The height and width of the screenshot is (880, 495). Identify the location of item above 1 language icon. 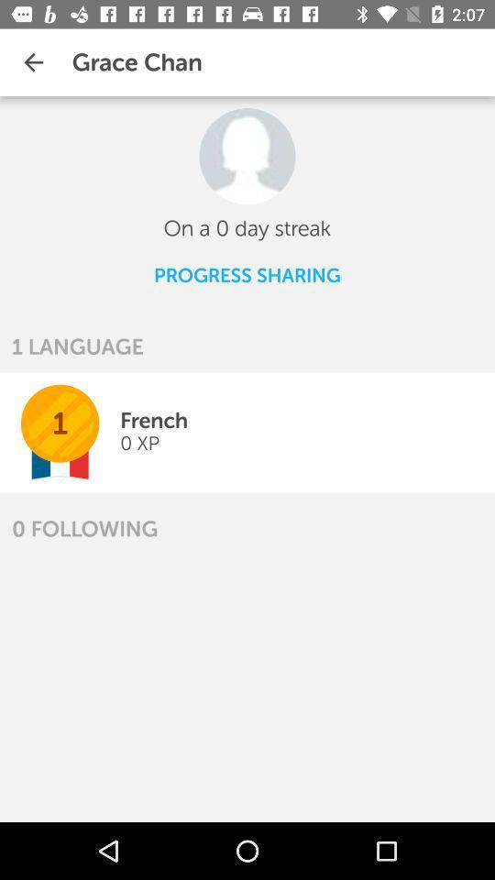
(33, 62).